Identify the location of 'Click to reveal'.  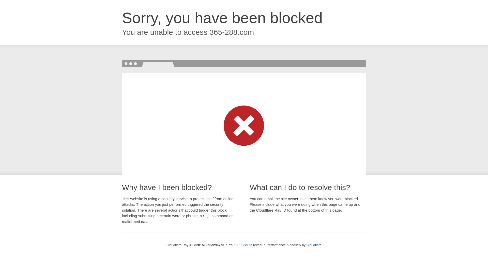
(252, 245).